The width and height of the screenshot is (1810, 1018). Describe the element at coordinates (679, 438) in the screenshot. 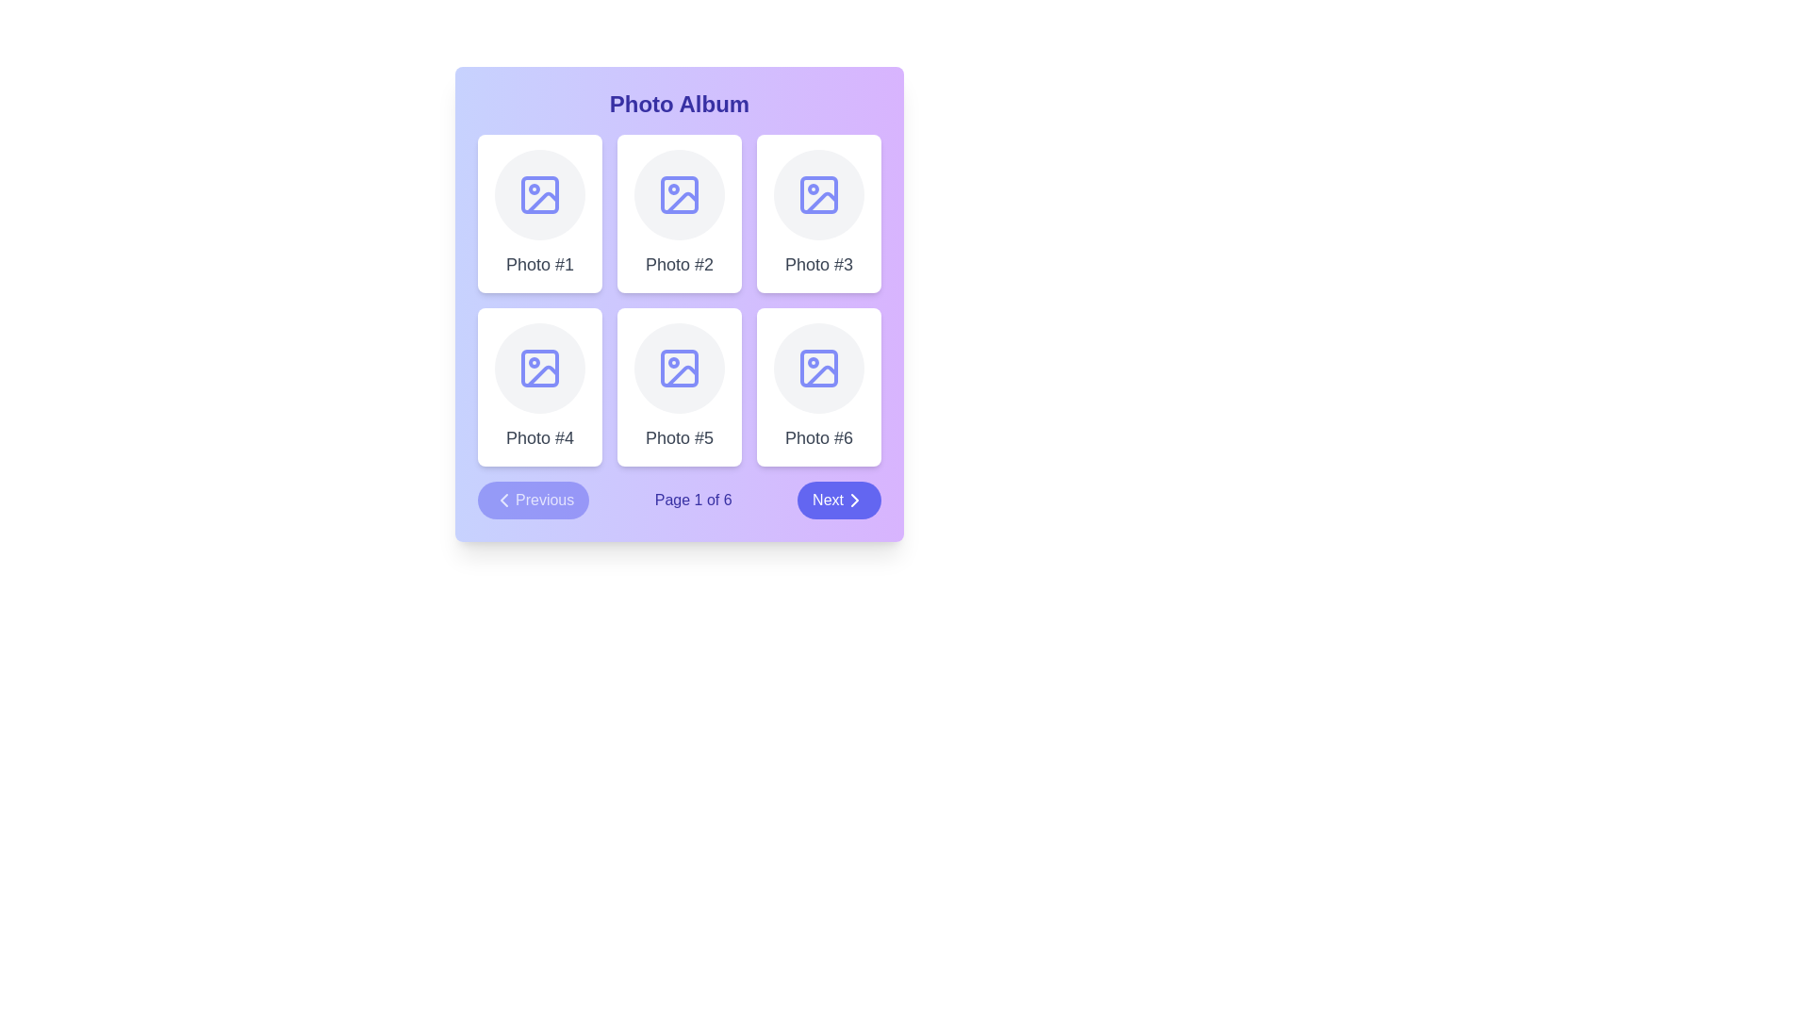

I see `text content of the label identifying the fifth photo in the grid of photo thumbnails, located at the center-bottom of the card in the second row, second column of the photo album grid interface` at that location.